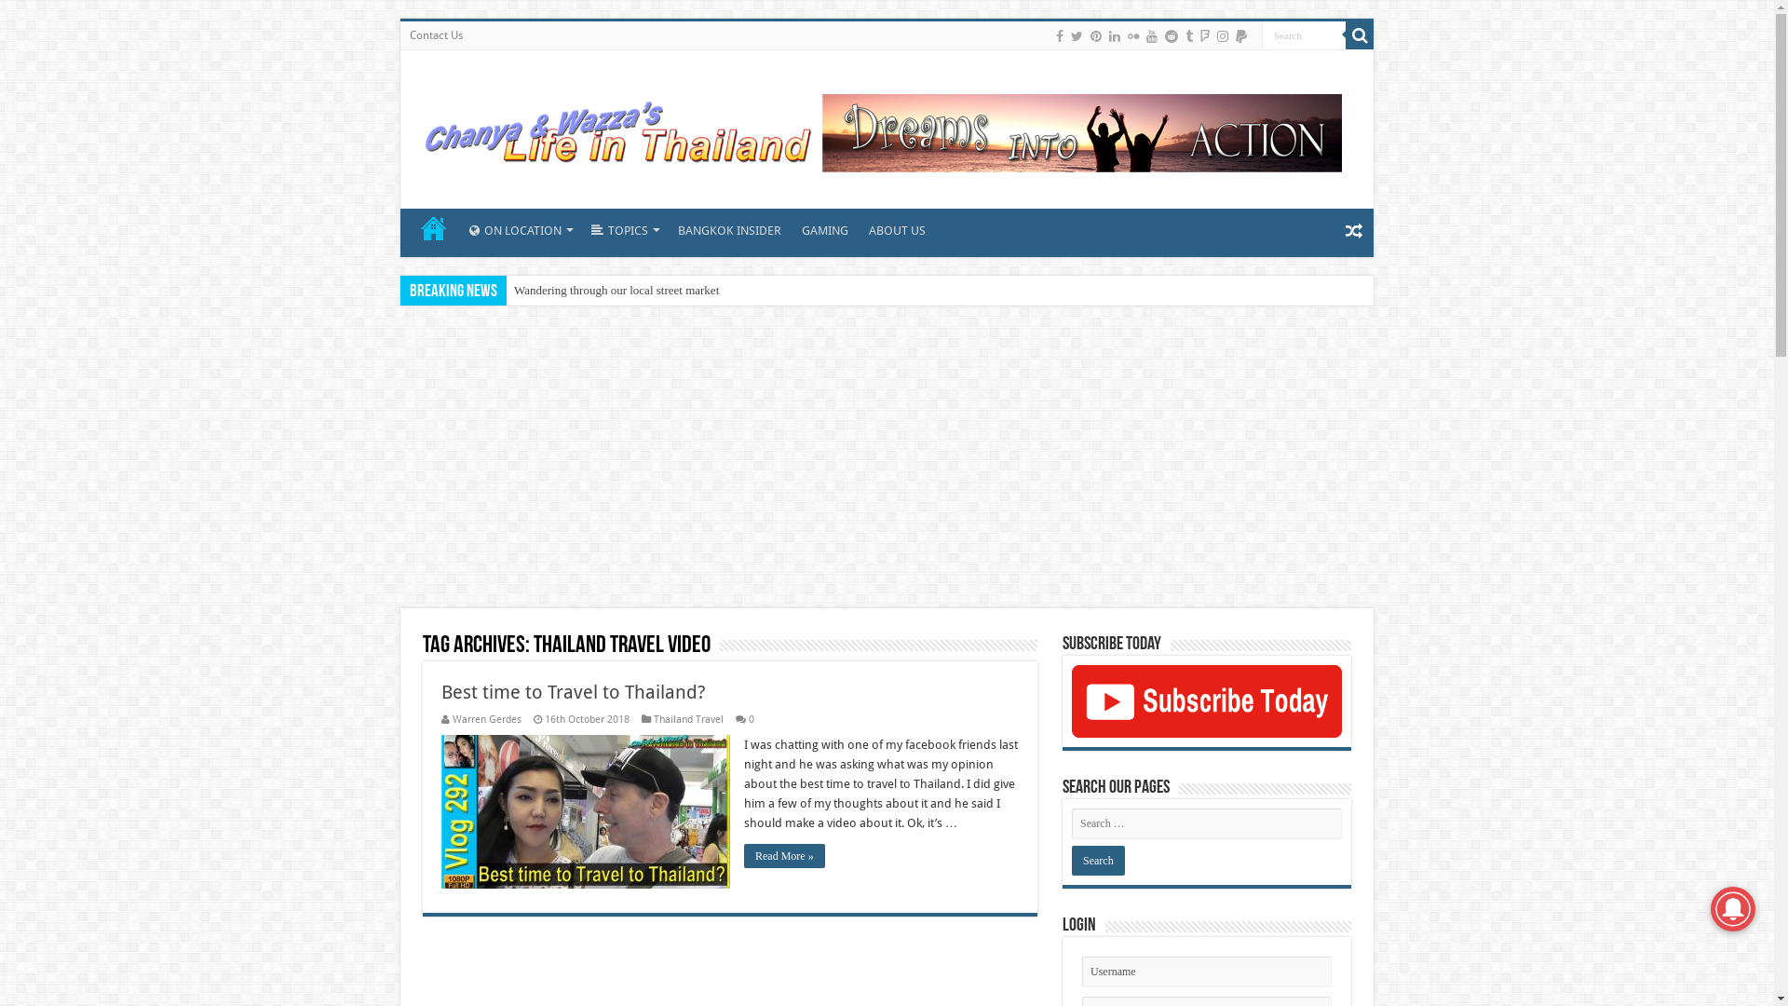  I want to click on 'Username', so click(1207, 971).